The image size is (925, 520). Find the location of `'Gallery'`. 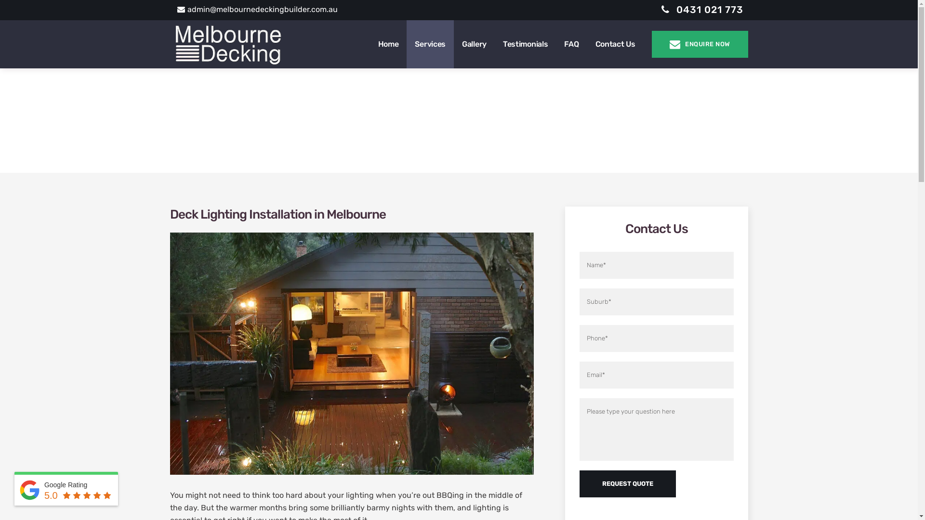

'Gallery' is located at coordinates (474, 44).